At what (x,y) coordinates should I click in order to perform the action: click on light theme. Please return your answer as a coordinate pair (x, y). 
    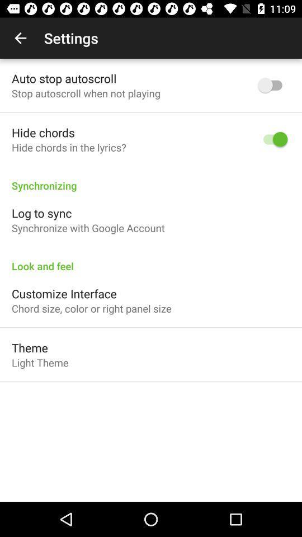
    Looking at the image, I should click on (39, 362).